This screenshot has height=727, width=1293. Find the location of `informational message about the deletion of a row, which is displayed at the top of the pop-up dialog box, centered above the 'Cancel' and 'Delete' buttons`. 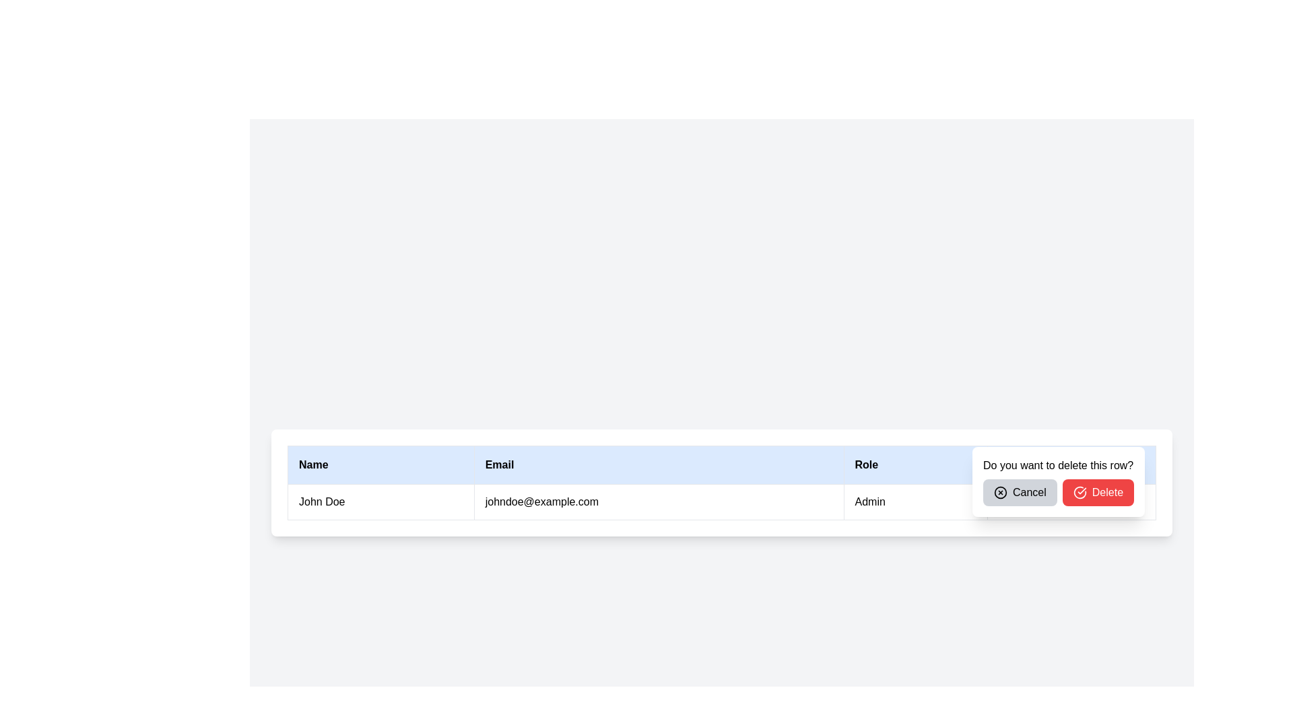

informational message about the deletion of a row, which is displayed at the top of the pop-up dialog box, centered above the 'Cancel' and 'Delete' buttons is located at coordinates (1057, 464).